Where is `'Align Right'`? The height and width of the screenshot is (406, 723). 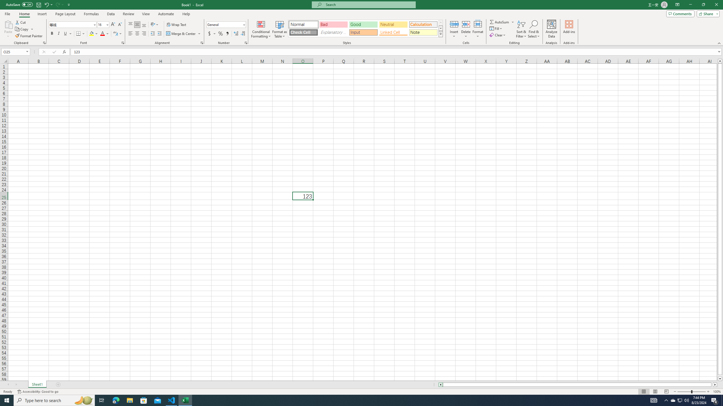
'Align Right' is located at coordinates (144, 33).